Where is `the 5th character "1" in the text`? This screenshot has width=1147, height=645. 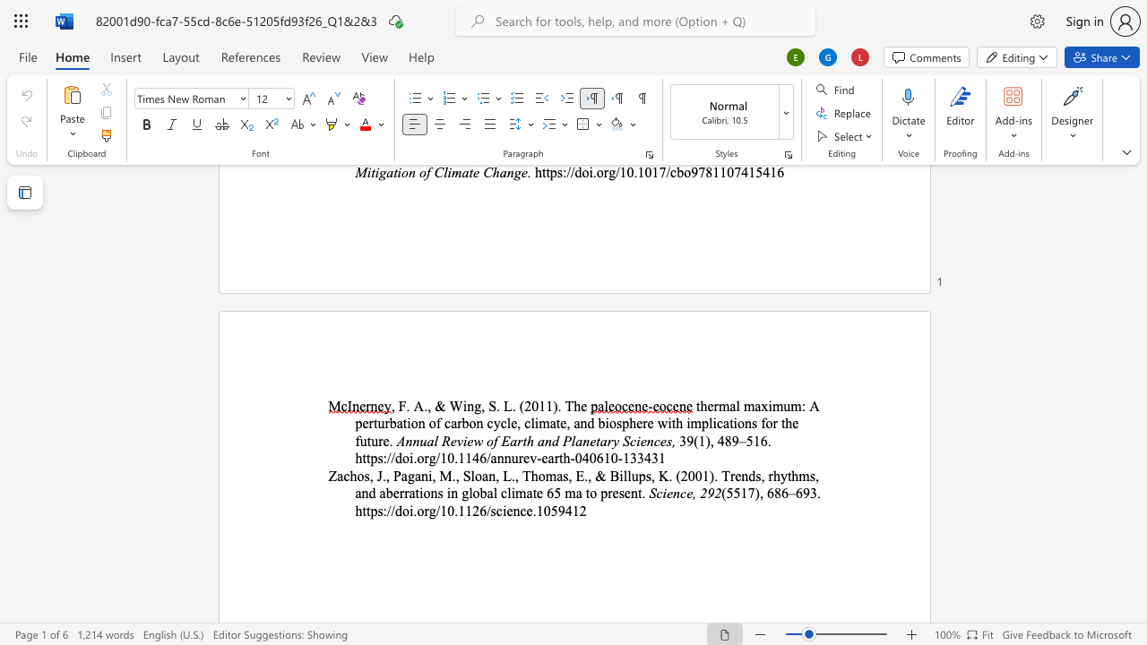
the 5th character "1" in the text is located at coordinates (723, 172).